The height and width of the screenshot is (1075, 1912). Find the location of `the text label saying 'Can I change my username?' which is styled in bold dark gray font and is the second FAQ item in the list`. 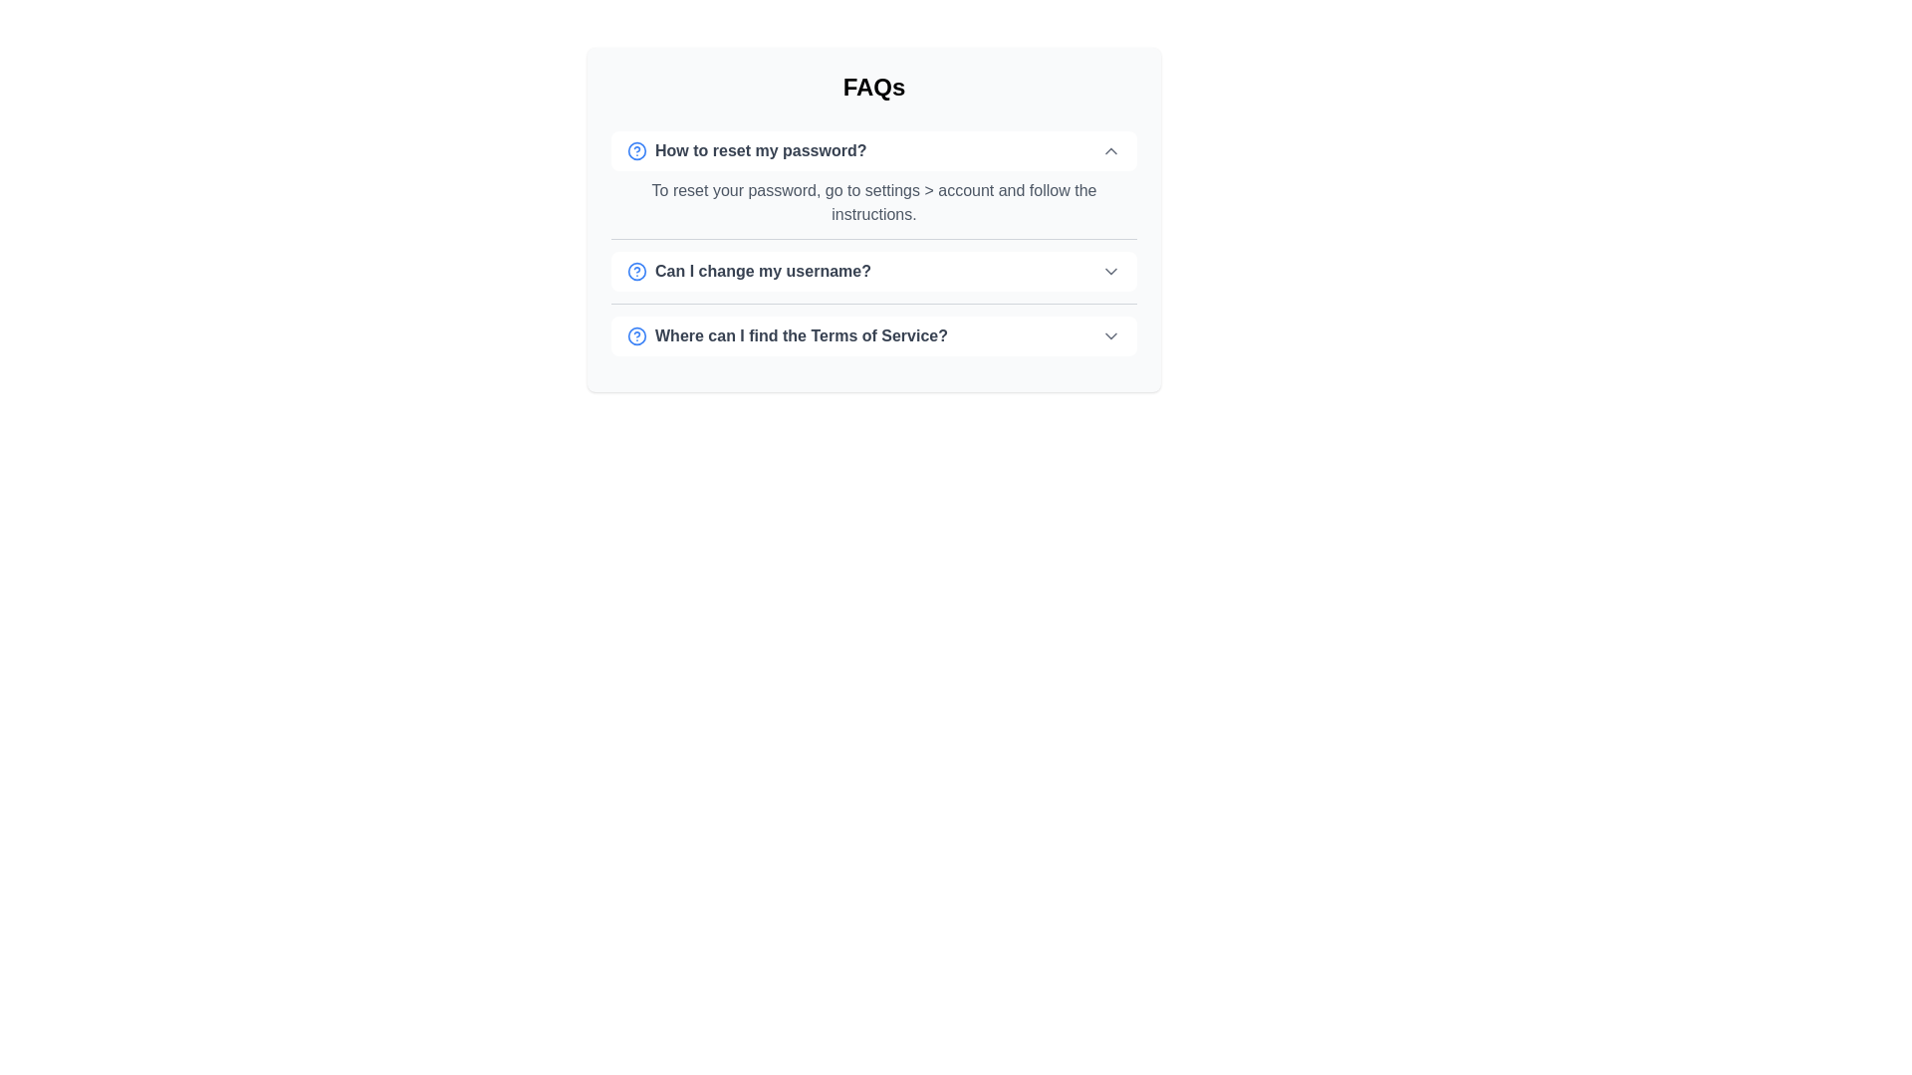

the text label saying 'Can I change my username?' which is styled in bold dark gray font and is the second FAQ item in the list is located at coordinates (748, 272).